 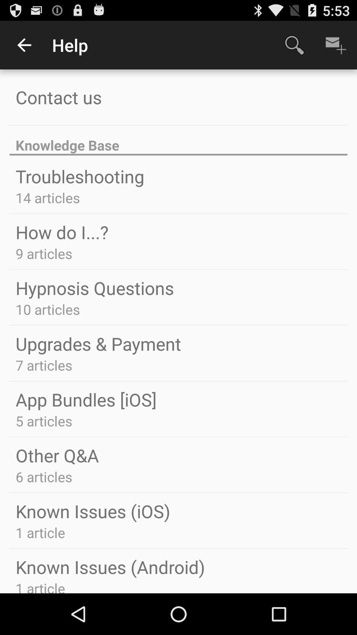 What do you see at coordinates (57, 455) in the screenshot?
I see `the other q&a icon` at bounding box center [57, 455].